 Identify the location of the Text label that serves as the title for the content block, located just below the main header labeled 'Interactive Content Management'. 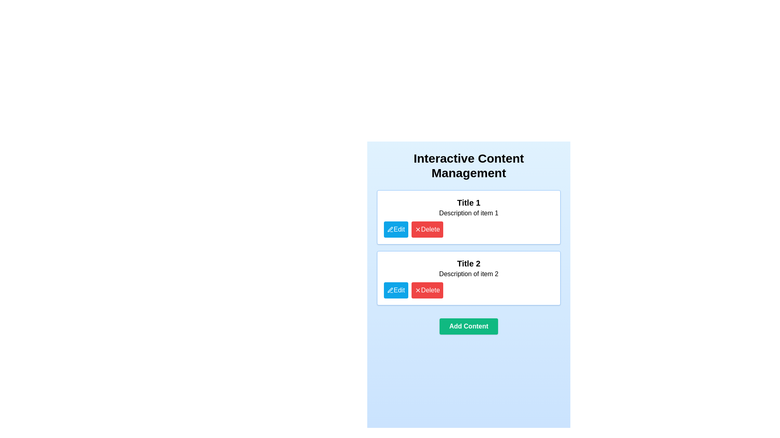
(468, 202).